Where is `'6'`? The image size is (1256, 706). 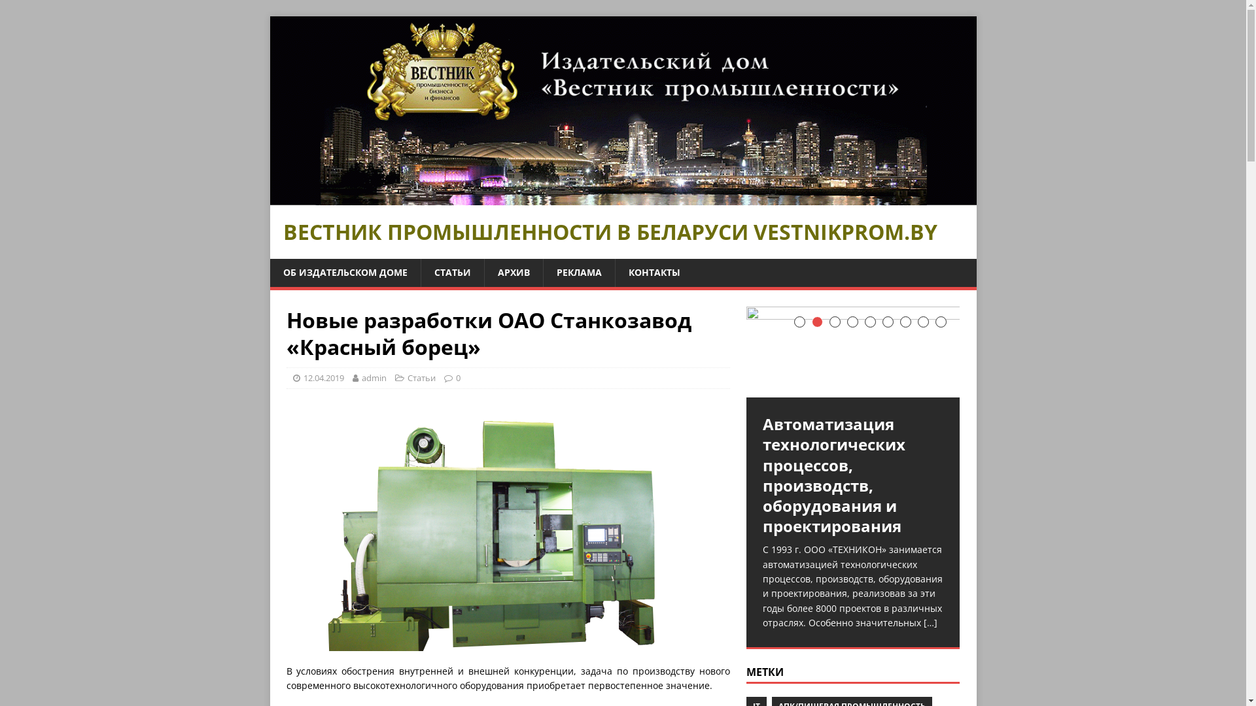
'6' is located at coordinates (882, 322).